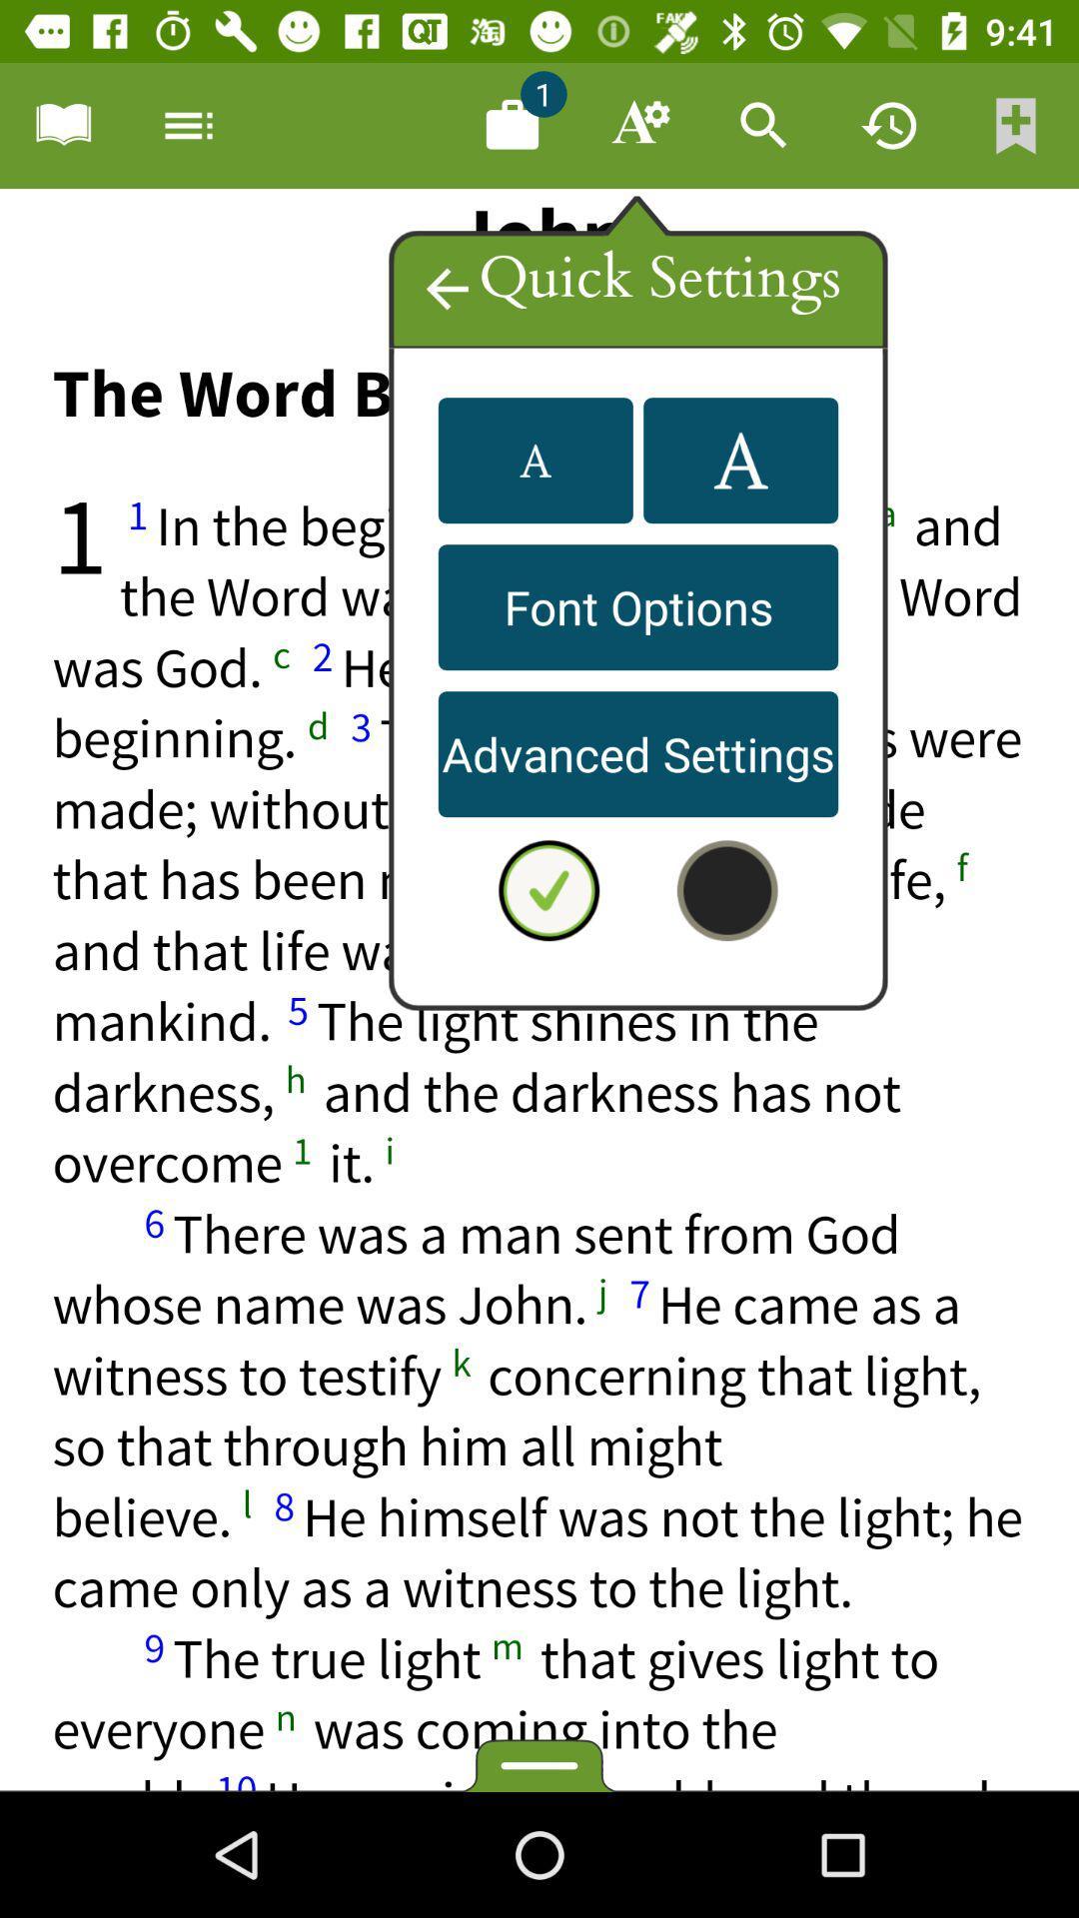 This screenshot has width=1079, height=1918. I want to click on color, so click(727, 889).